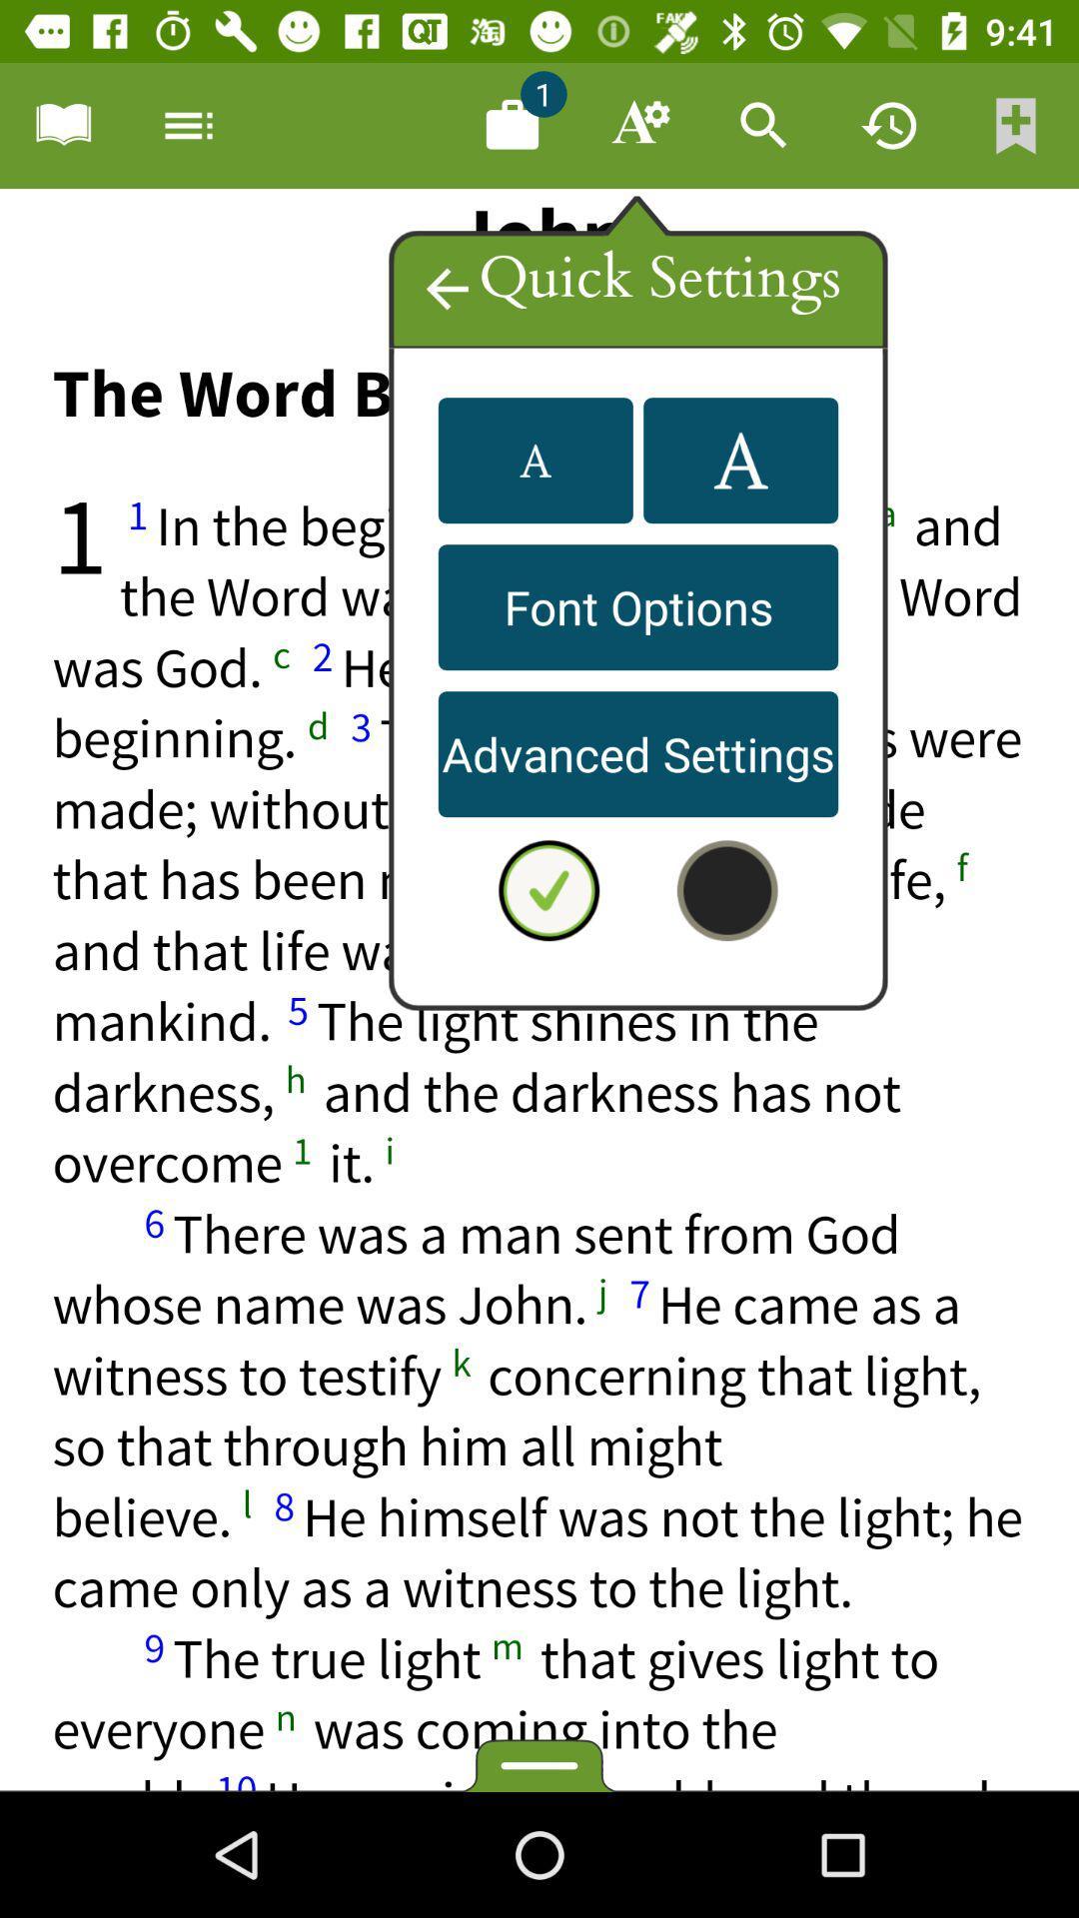 This screenshot has width=1079, height=1918. I want to click on color, so click(727, 889).